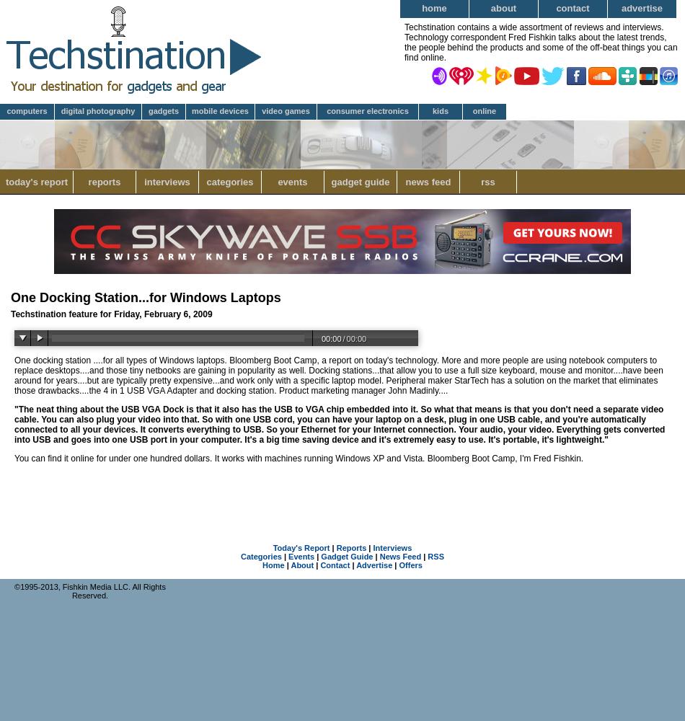 The height and width of the screenshot is (721, 685). I want to click on 'Offers', so click(398, 565).